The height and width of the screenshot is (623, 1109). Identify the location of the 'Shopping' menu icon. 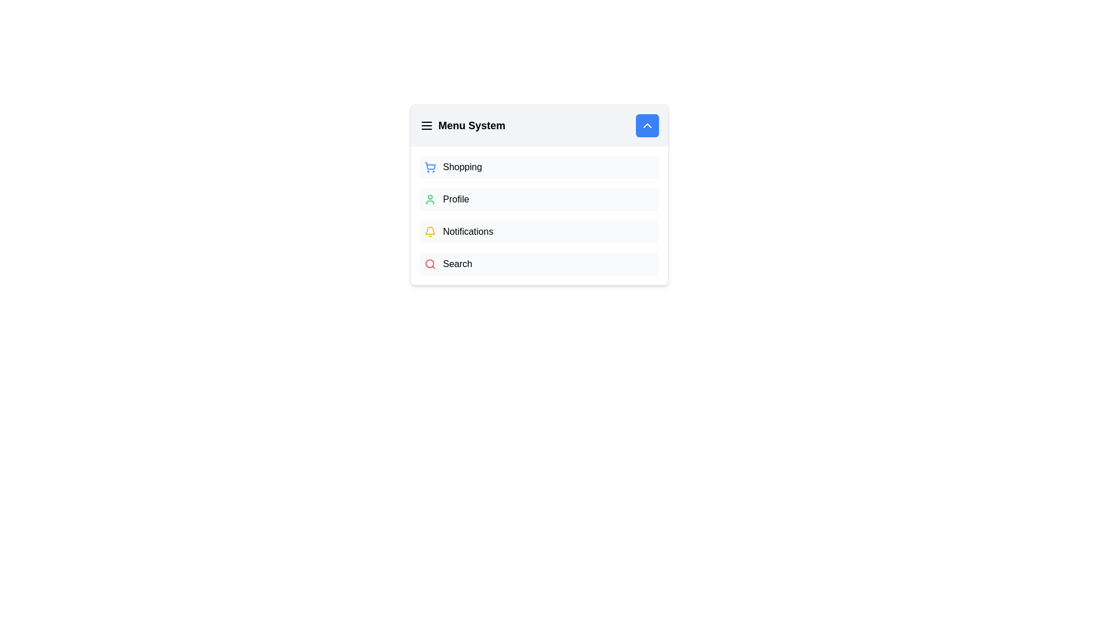
(429, 167).